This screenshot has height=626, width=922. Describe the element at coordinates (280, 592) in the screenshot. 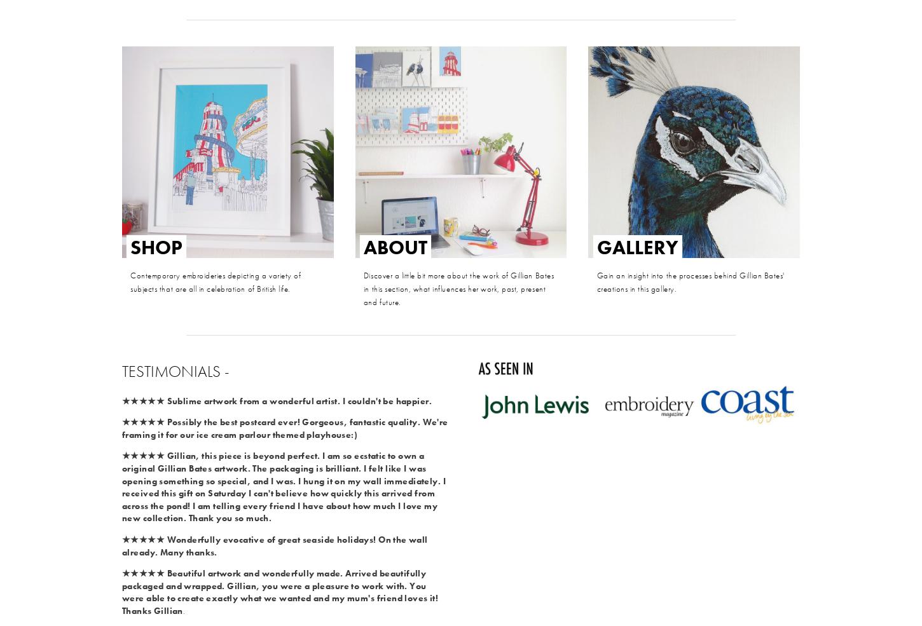

I see `'★★★★★ Beautiful artwork and wonderfully made. Arrived beautifully packaged and wrapped. Gillian, you were a pleasure to work with. You were able to create exactly what we wanted and my mum's friend loves it! Thanks Gillian'` at that location.